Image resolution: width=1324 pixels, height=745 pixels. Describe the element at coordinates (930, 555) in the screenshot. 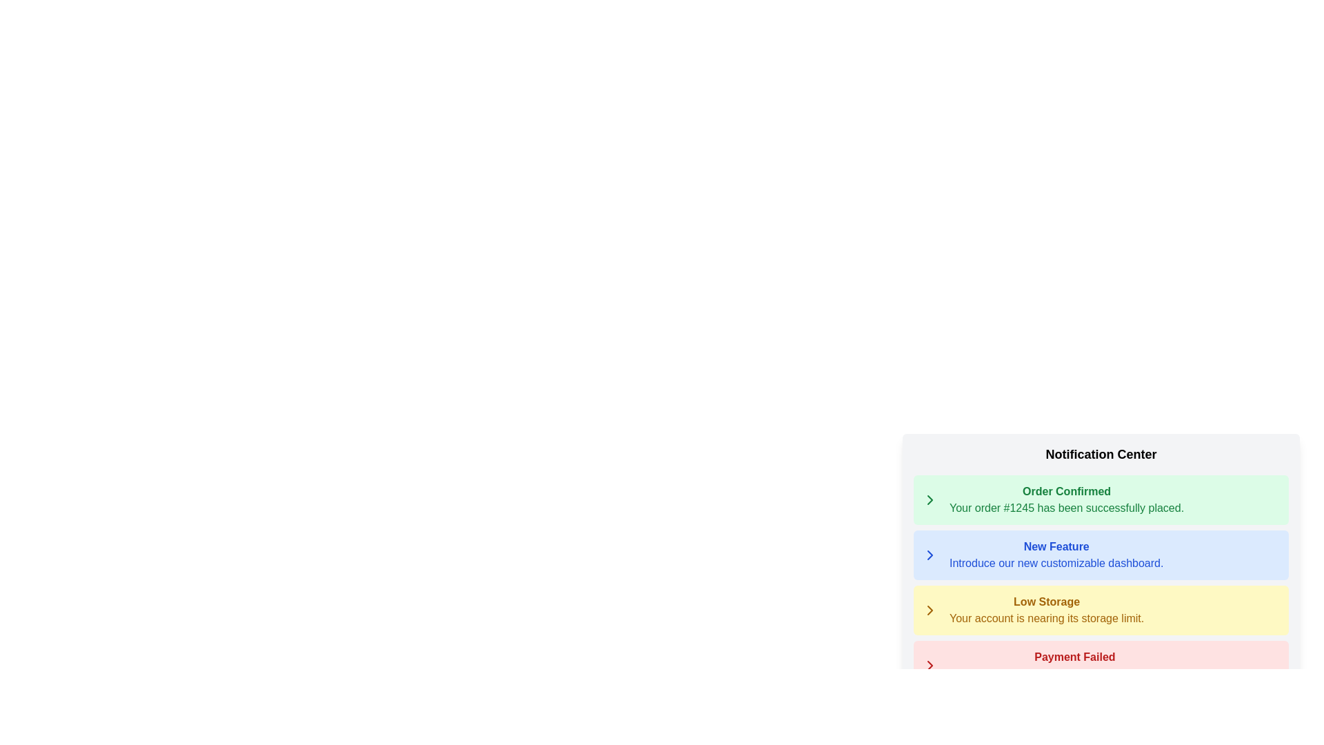

I see `the chevron icon located on the far left side of the blue notification box containing the text 'New Feature - Introduce our new customizable dashboard.'` at that location.